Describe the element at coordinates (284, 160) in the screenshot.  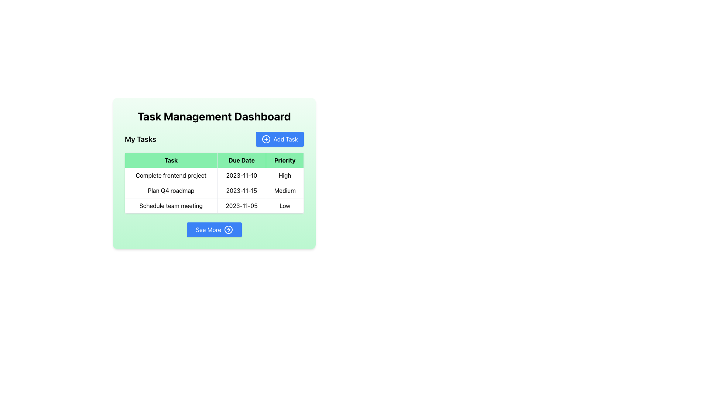
I see `the 'Priority' column header in the Task Management Dashboard, which is the third column header located at the top-right of the table, directly to the right of the 'Due Date' header` at that location.